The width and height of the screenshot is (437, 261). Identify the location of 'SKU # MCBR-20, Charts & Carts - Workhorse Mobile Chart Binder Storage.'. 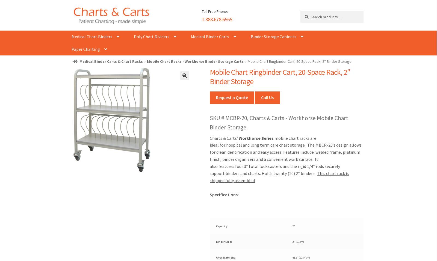
(279, 122).